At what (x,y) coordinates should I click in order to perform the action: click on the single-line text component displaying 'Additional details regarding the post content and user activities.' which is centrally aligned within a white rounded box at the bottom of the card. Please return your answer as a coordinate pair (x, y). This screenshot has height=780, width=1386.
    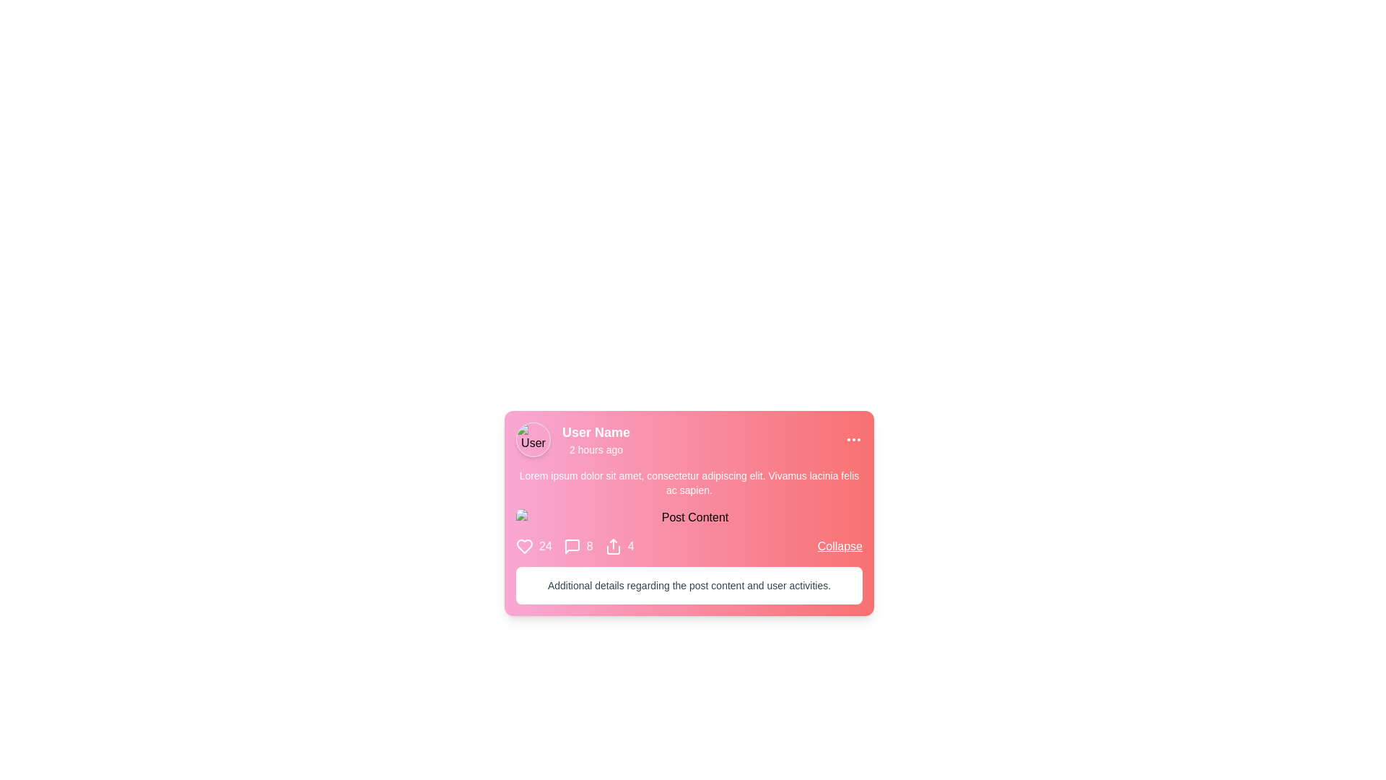
    Looking at the image, I should click on (689, 585).